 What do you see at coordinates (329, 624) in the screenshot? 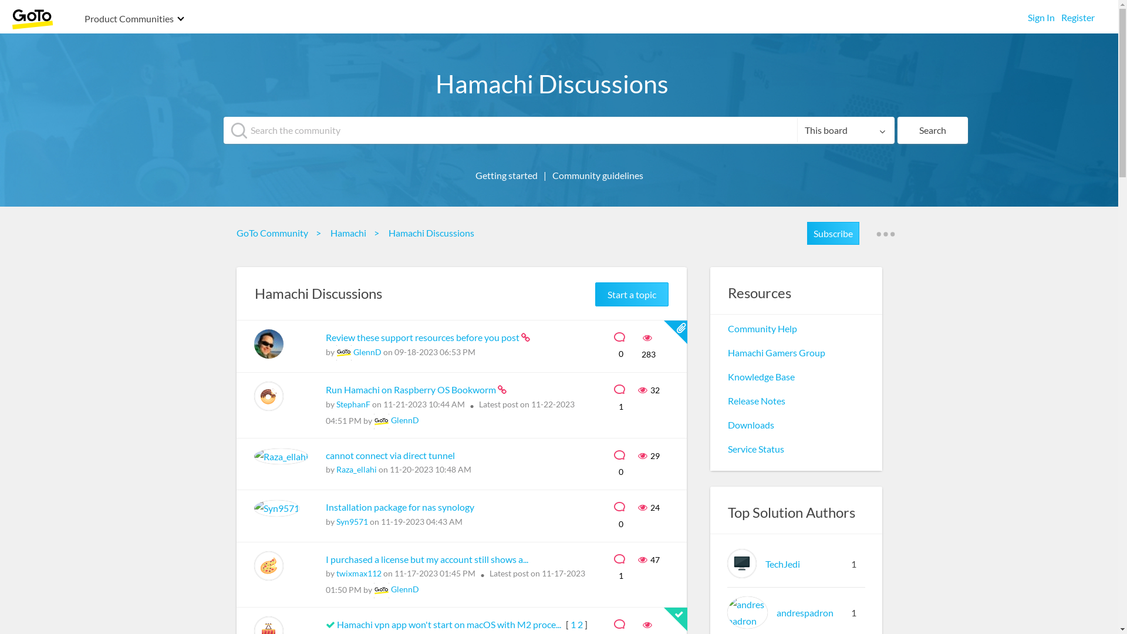
I see `'Solved!'` at bounding box center [329, 624].